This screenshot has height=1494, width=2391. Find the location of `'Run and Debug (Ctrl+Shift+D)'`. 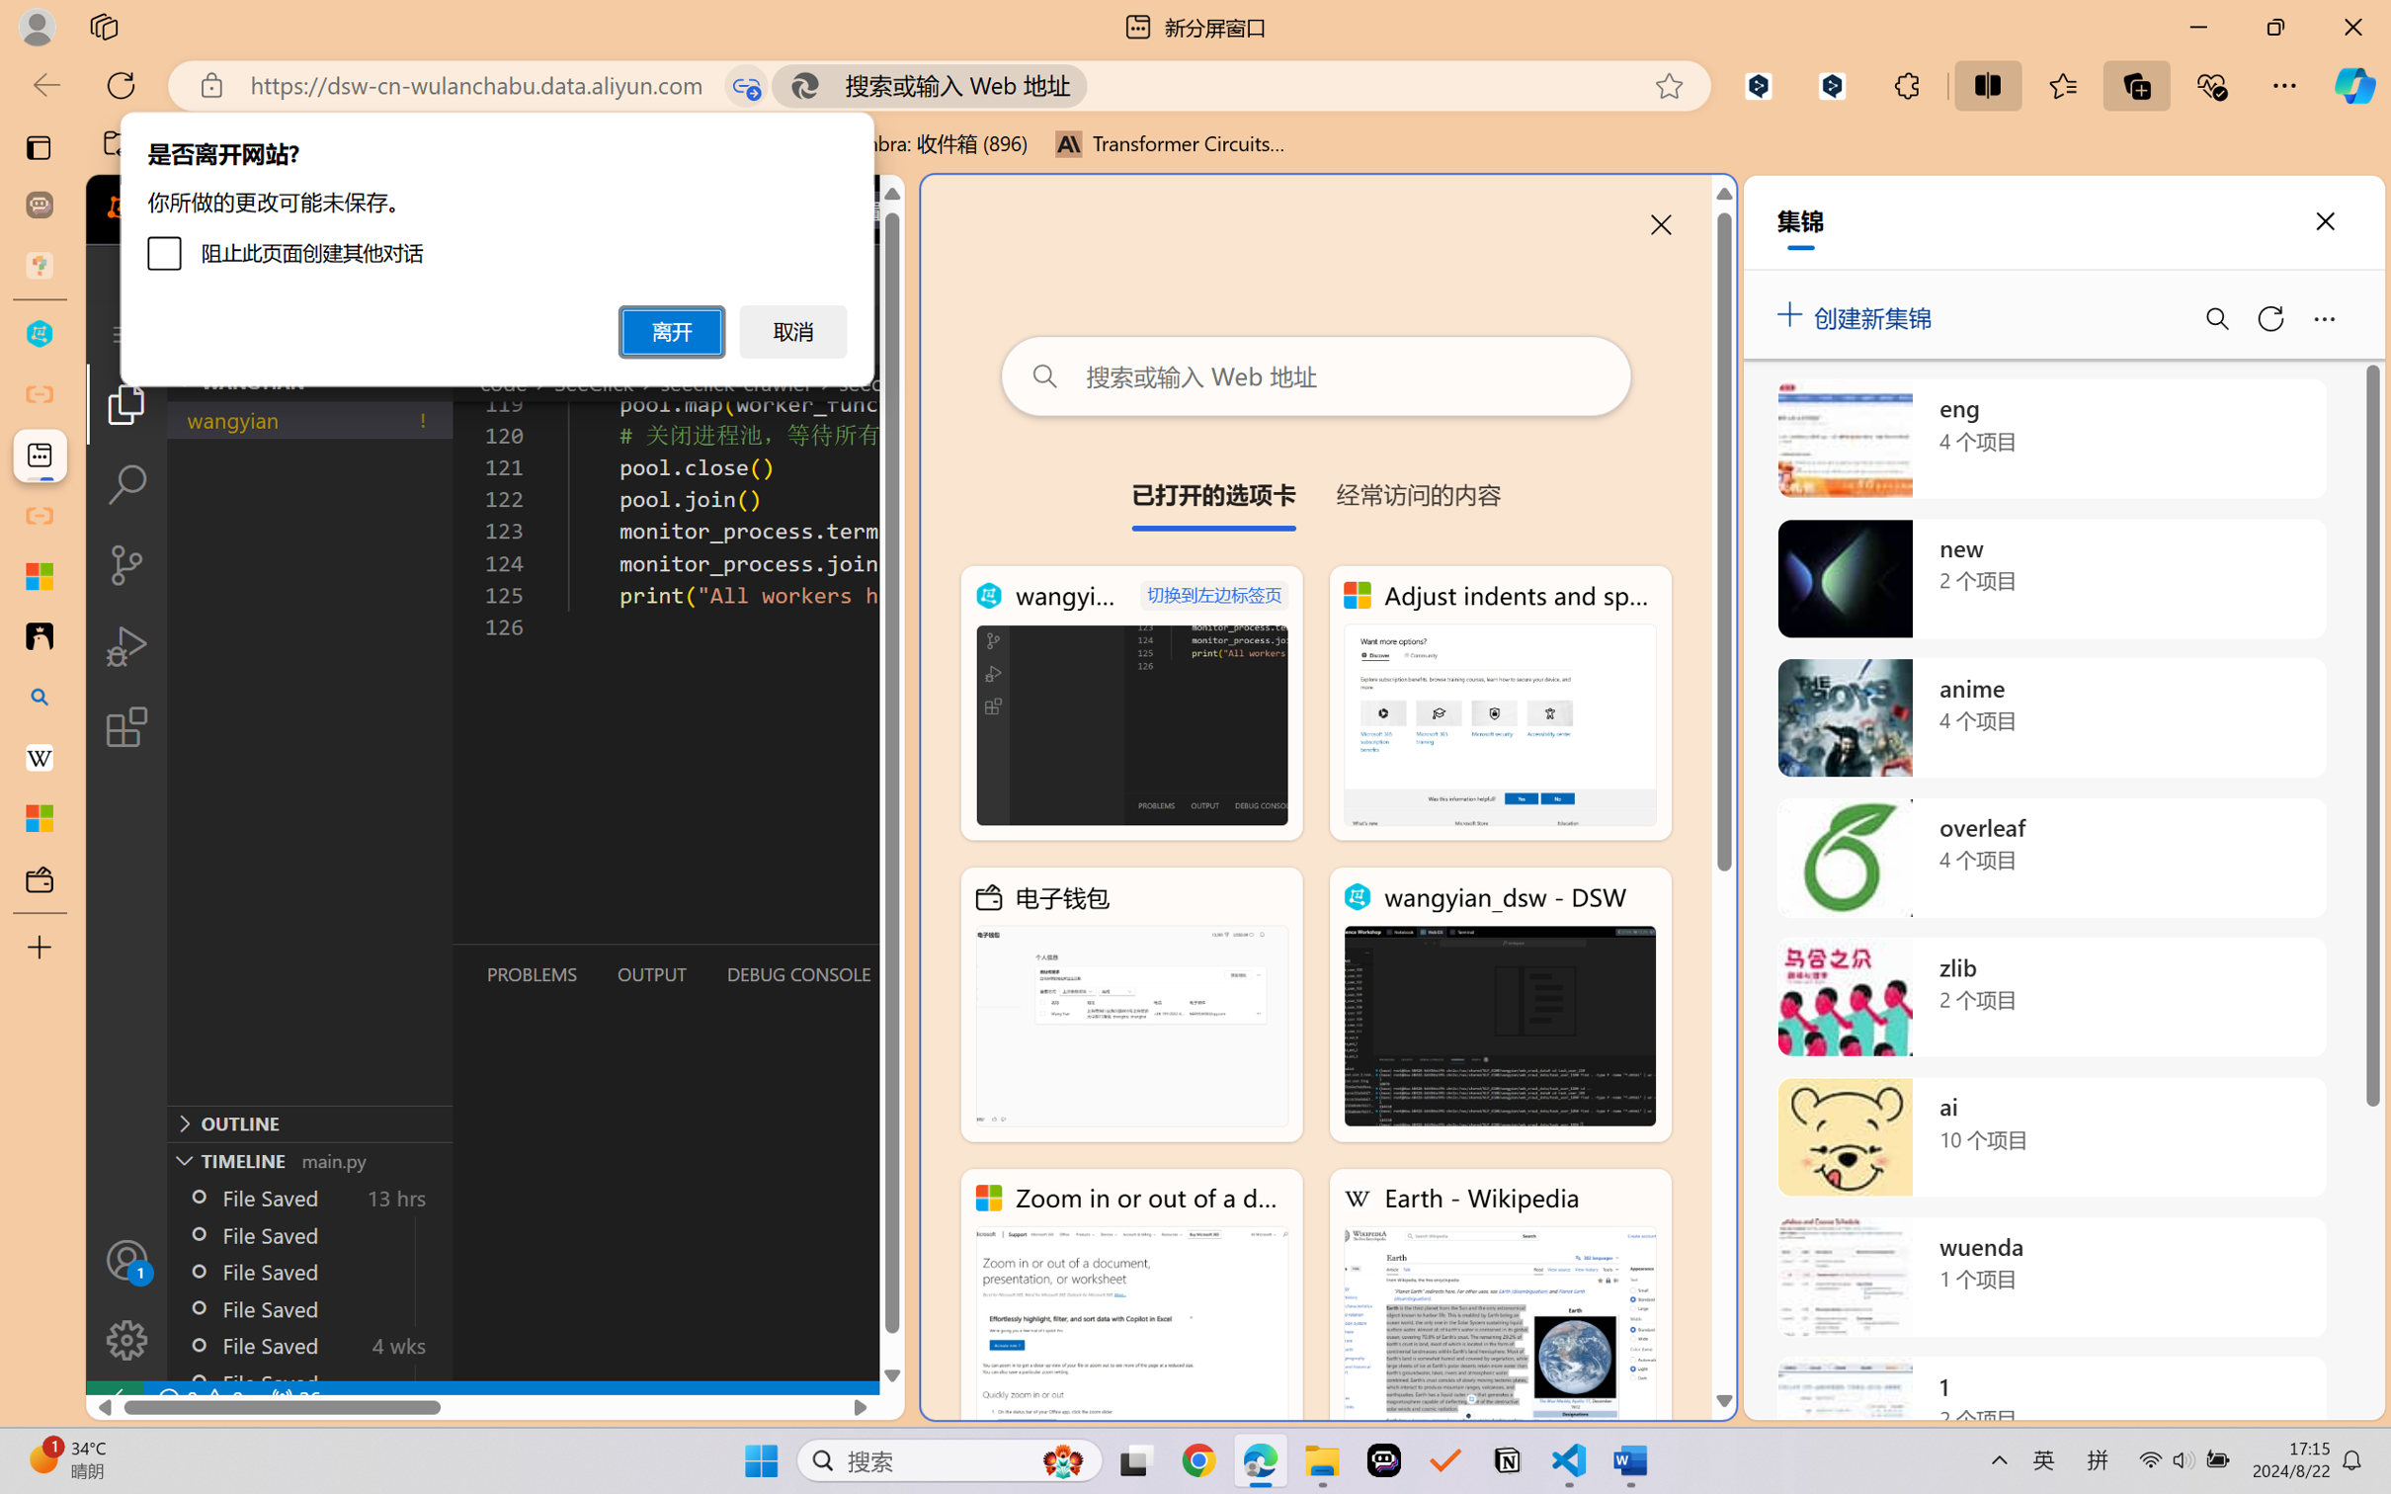

'Run and Debug (Ctrl+Shift+D)' is located at coordinates (125, 645).